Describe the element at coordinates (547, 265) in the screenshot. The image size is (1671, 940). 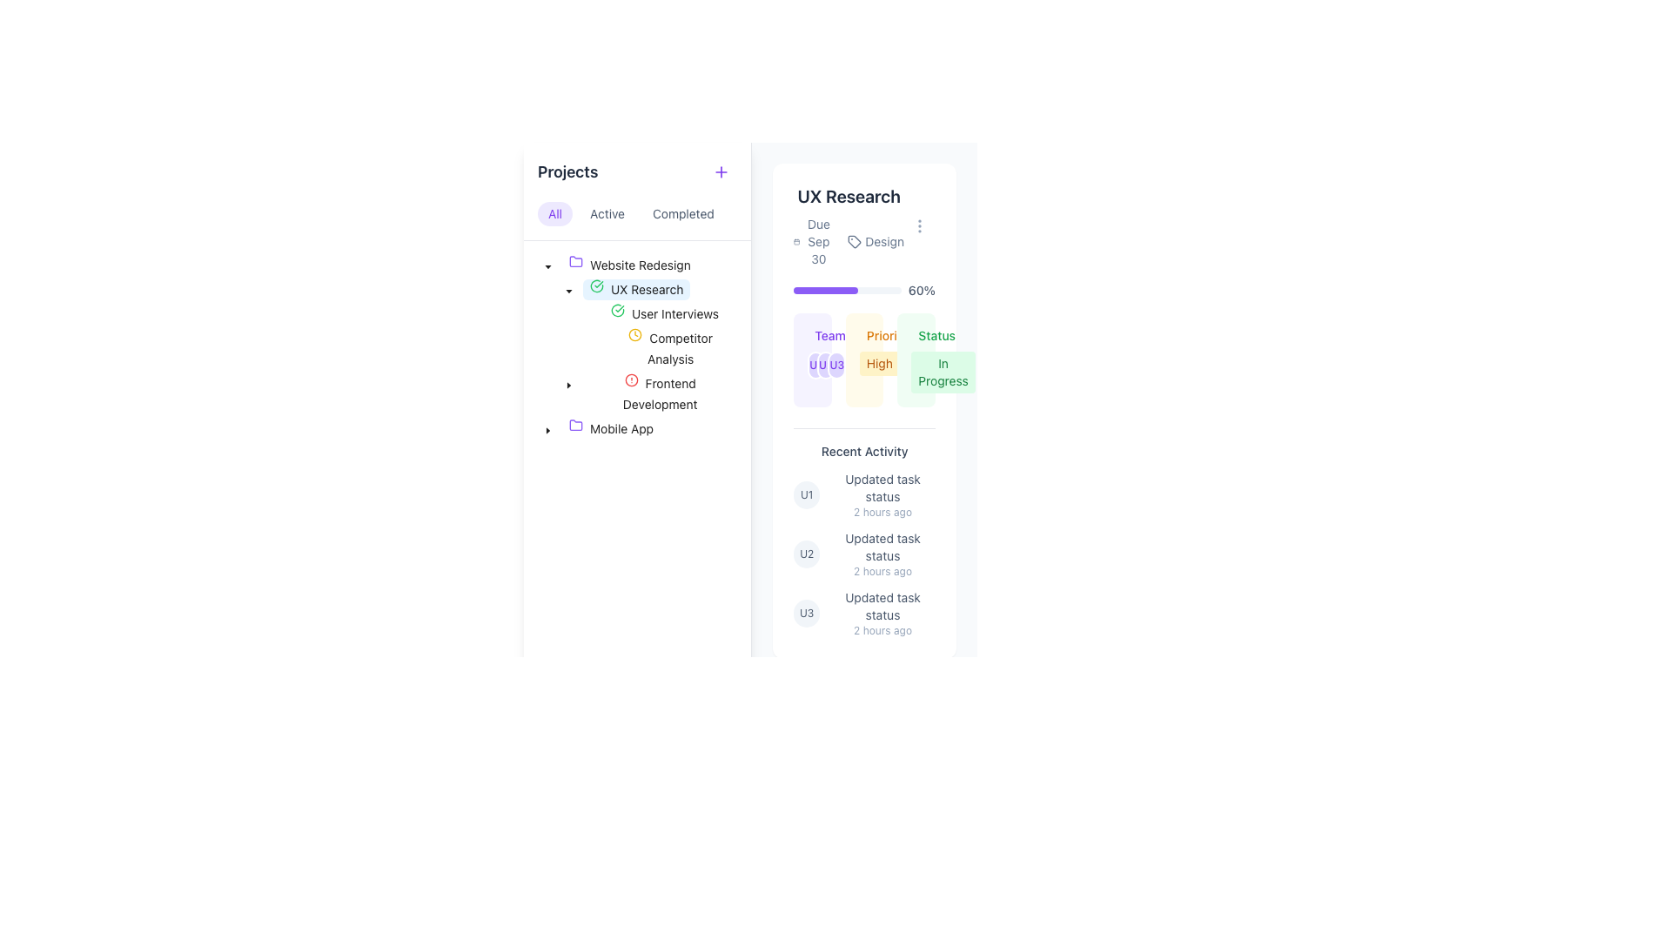
I see `the toggle button represented by a downward-facing arrow beside 'Website Redesign' for navigation purposes` at that location.